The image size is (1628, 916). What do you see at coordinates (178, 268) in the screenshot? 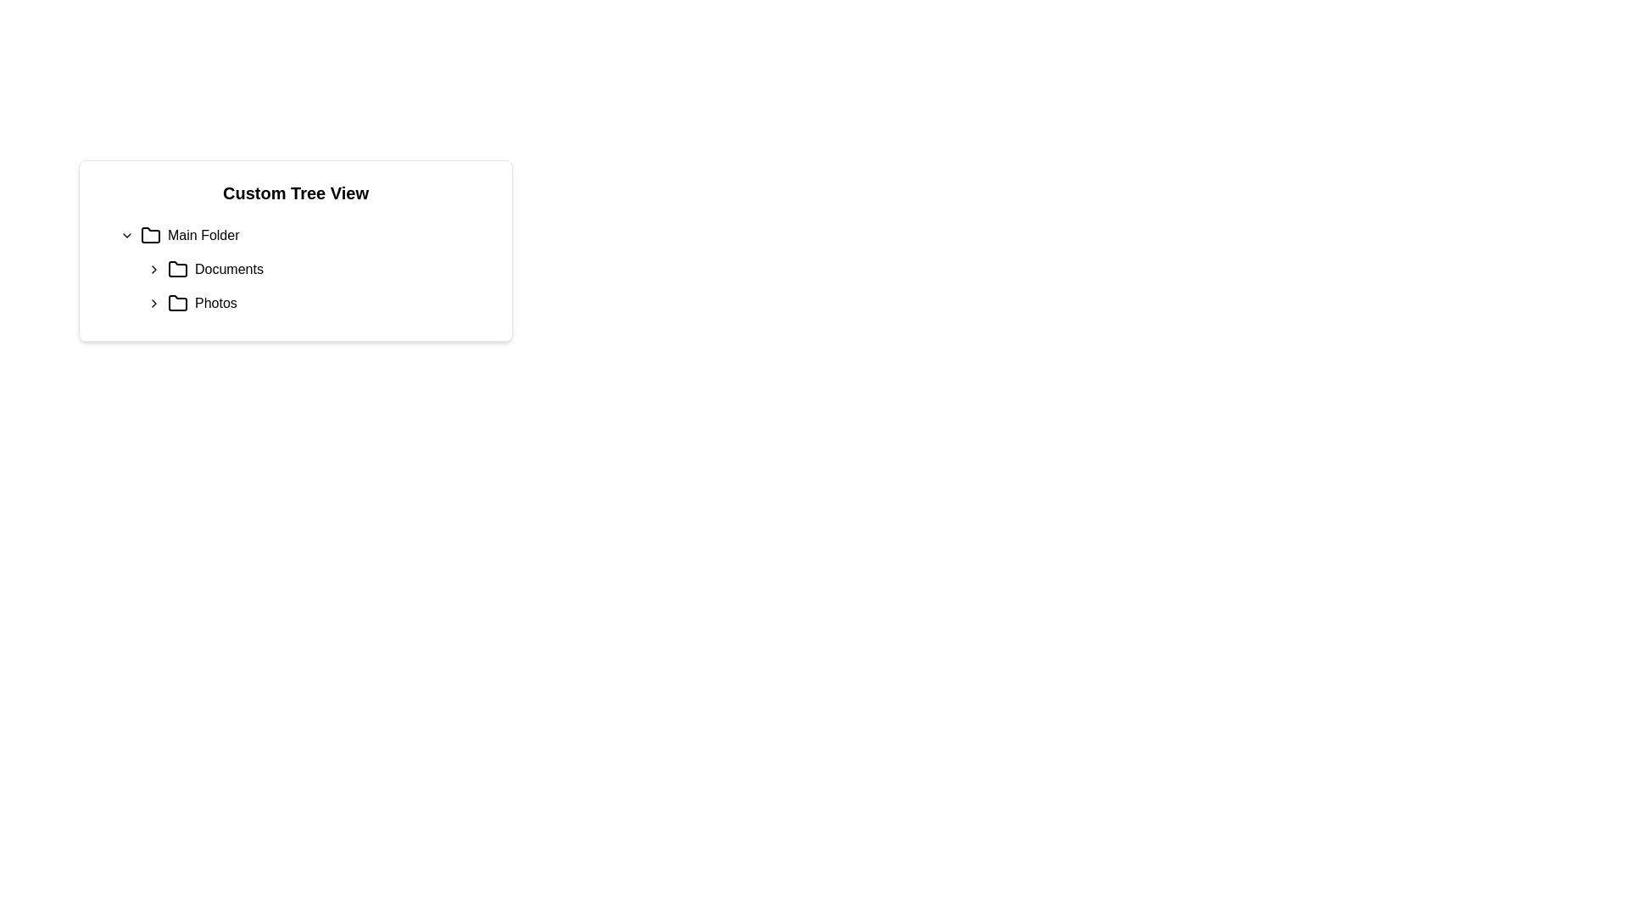
I see `the folder icon that visually represents a folder in the tree view interface, located adjacent to the 'Documents' label` at bounding box center [178, 268].